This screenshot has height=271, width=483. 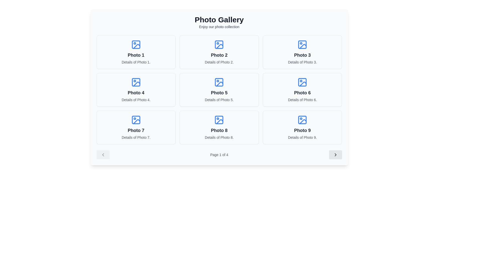 What do you see at coordinates (136, 127) in the screenshot?
I see `the center of the 'Photo 7' card, which is the first item in the third row of a 3x3 grid` at bounding box center [136, 127].